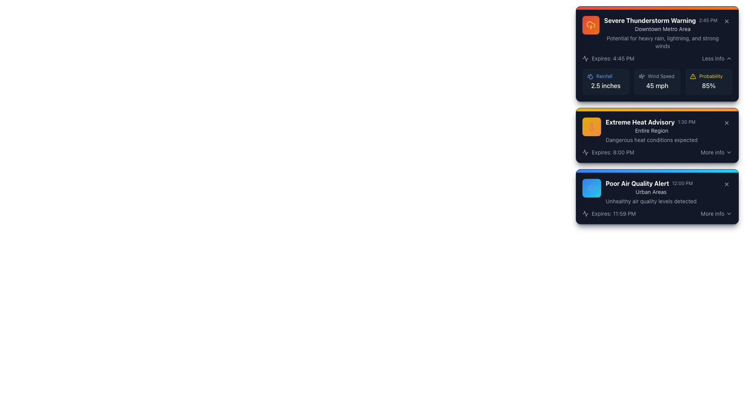 The width and height of the screenshot is (745, 419). What do you see at coordinates (585, 58) in the screenshot?
I see `the icon located in the uppermost card of the vertical list of alerts, positioned to the left of the text 'Expires: 4:45 PM'` at bounding box center [585, 58].